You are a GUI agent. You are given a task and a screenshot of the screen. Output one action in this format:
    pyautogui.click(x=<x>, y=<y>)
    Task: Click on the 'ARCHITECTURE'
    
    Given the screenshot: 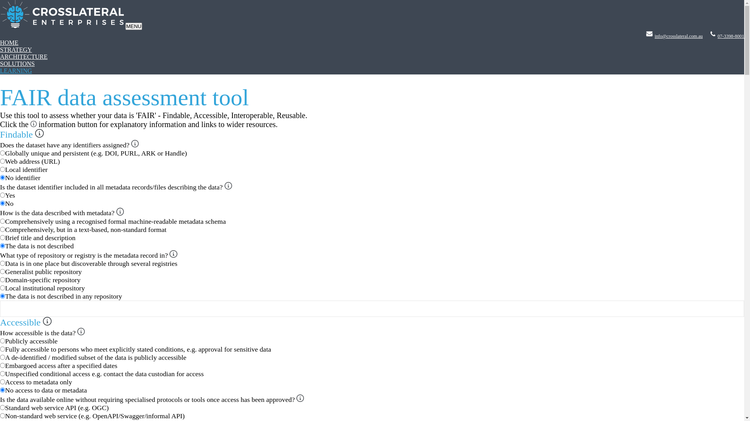 What is the action you would take?
    pyautogui.click(x=24, y=56)
    